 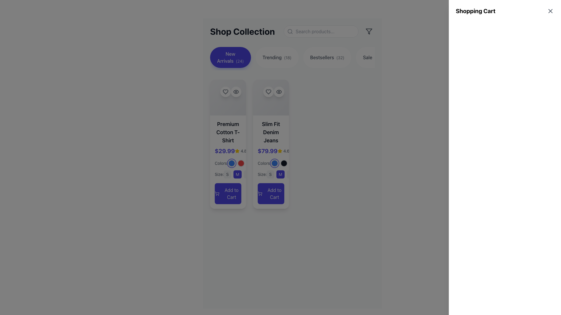 I want to click on the color selection button within the interactive component for the 'Premium Cotton T-Shirt' product listing, specifically targeting the button for accessibility navigation, so click(x=228, y=169).